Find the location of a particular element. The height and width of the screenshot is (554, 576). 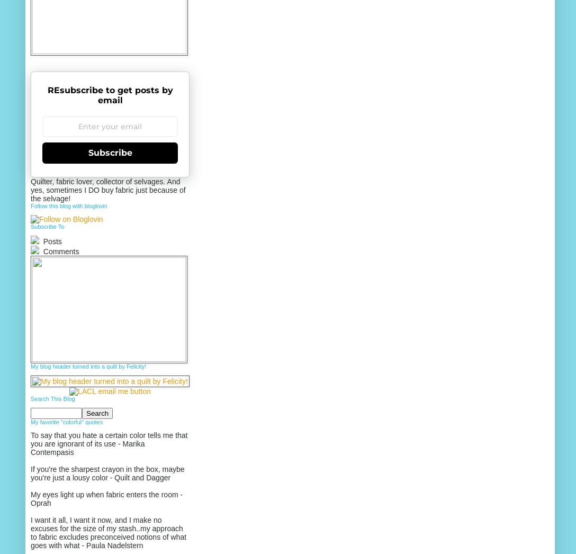

'Comments' is located at coordinates (60, 251).